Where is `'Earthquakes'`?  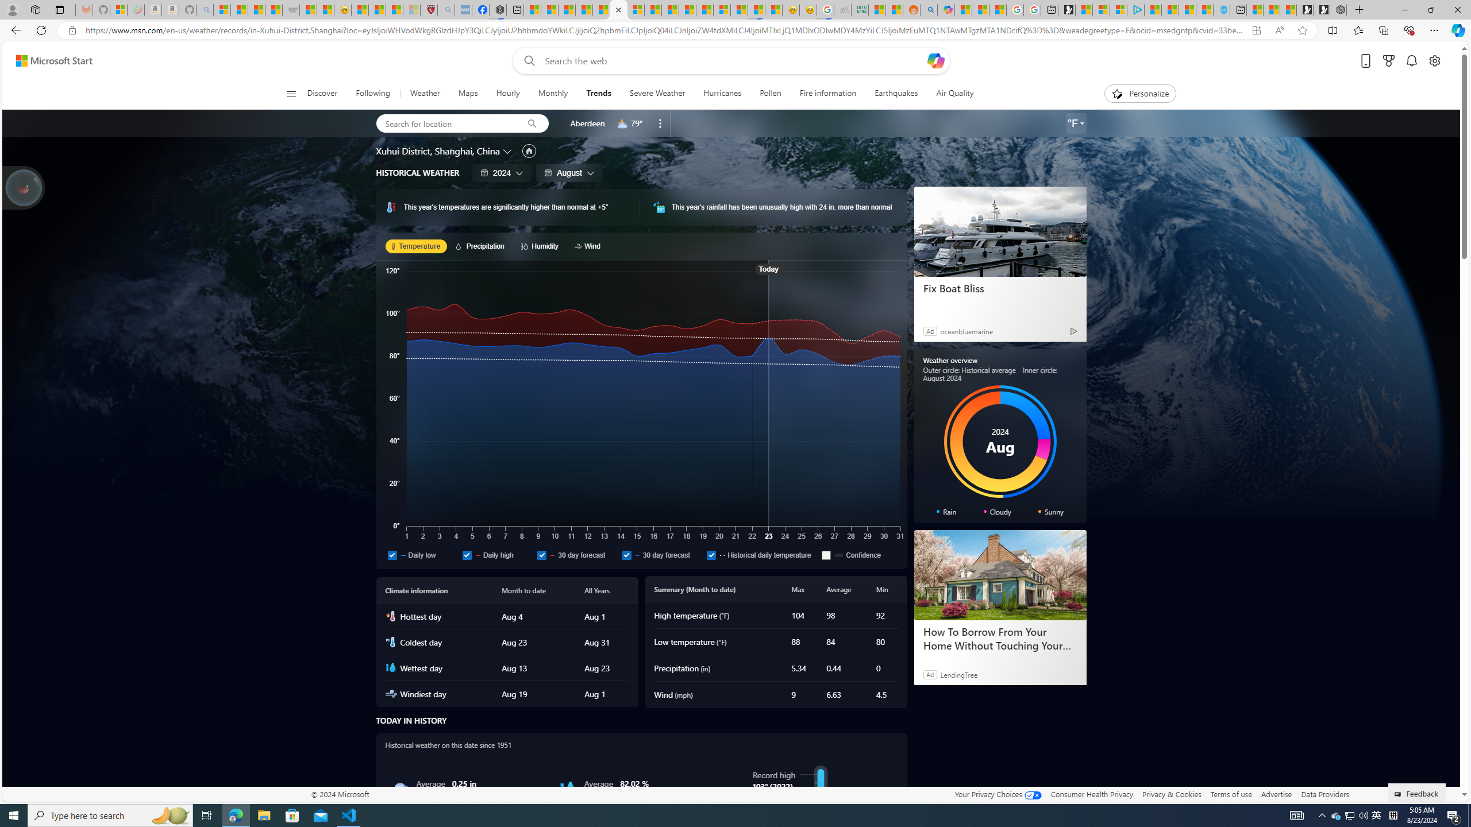 'Earthquakes' is located at coordinates (895, 93).